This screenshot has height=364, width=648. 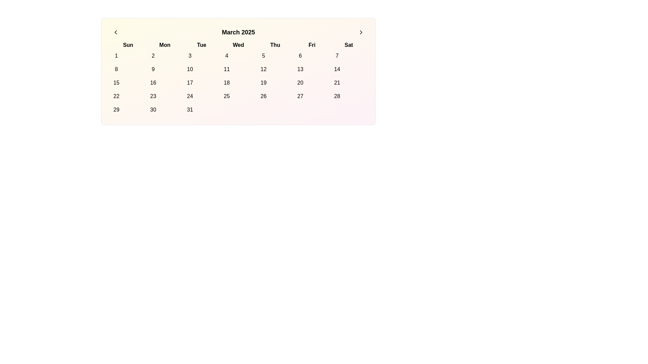 What do you see at coordinates (300, 69) in the screenshot?
I see `the button representing the date '13' in the March 2025 calendar` at bounding box center [300, 69].